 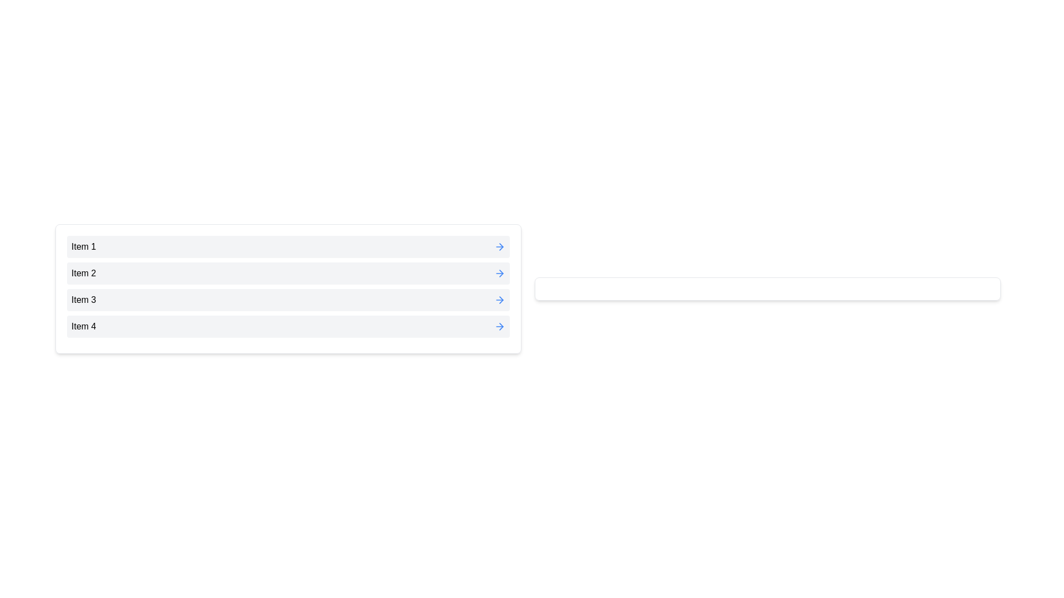 I want to click on the blue arrow button next to Item 3 to move it to the right list, so click(x=499, y=300).